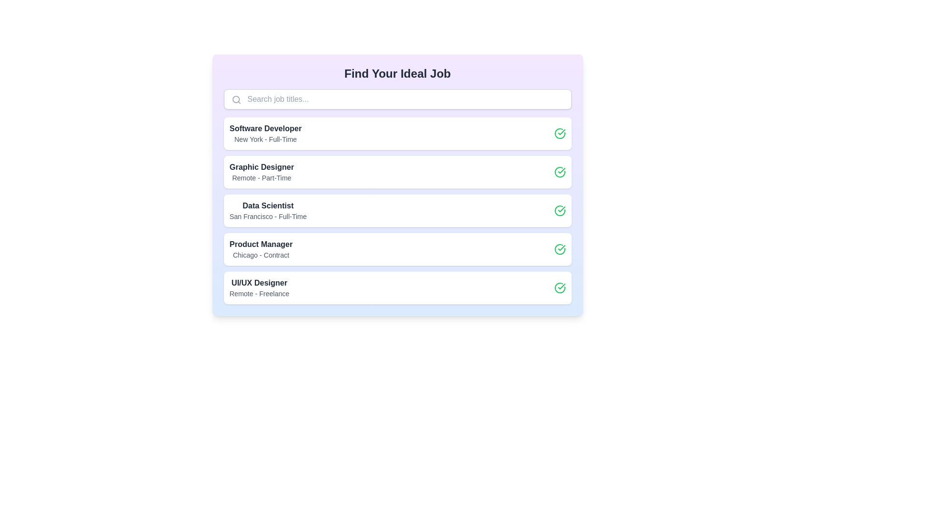 The width and height of the screenshot is (927, 521). I want to click on the green circular checkmark icon located at the rightmost side of the 'Graphic Designer Remote - Part-Time' listing, so click(560, 172).